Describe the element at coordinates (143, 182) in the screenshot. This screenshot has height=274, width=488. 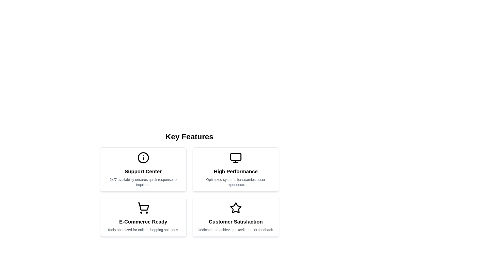
I see `text displayed in the support services information area, located within the rectangular card below the 'Support Center' title` at that location.